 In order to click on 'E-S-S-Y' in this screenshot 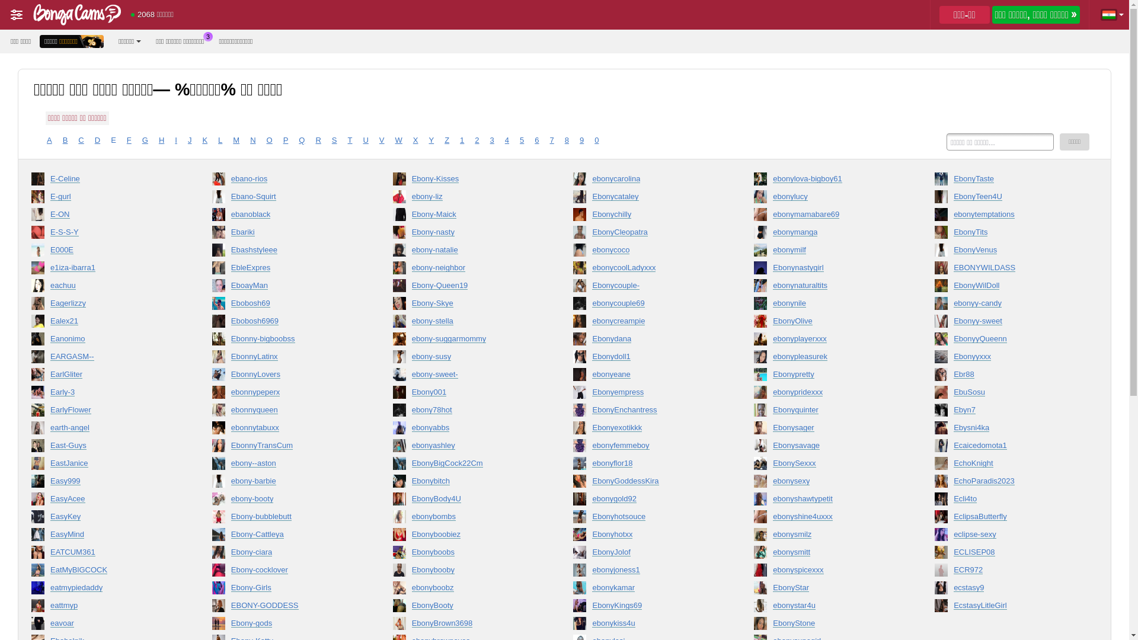, I will do `click(105, 235)`.